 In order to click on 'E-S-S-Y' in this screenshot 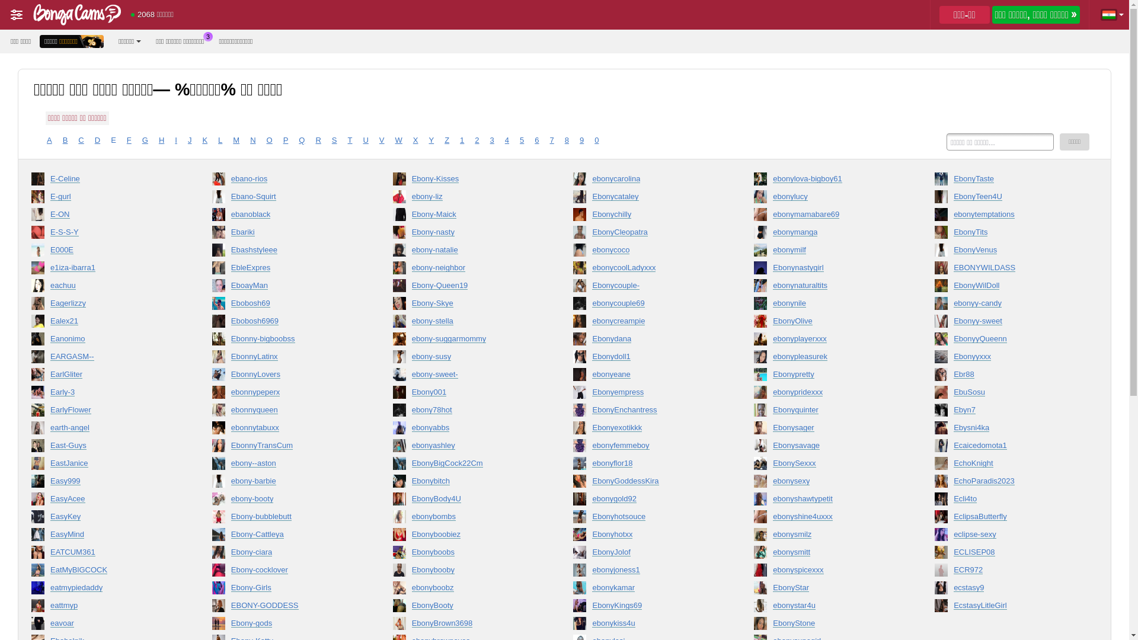, I will do `click(105, 235)`.